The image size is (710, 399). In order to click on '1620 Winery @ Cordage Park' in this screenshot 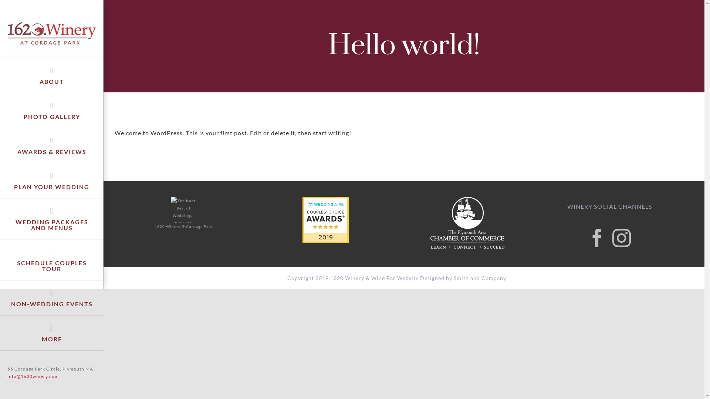, I will do `click(154, 225)`.